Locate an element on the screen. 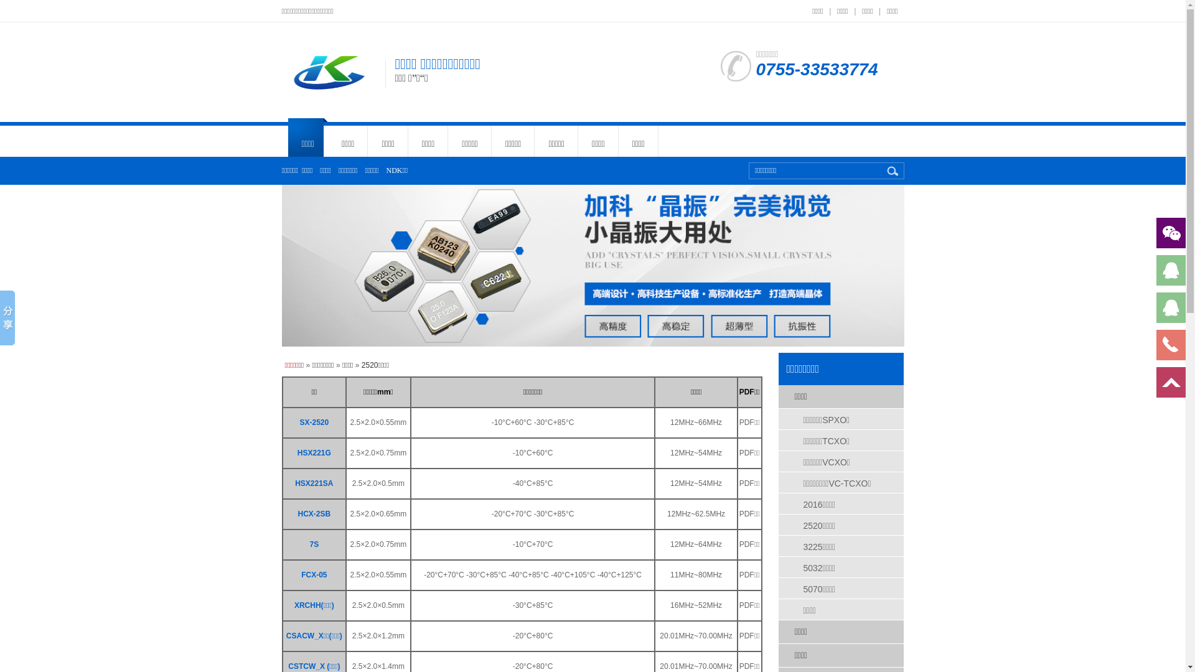 The height and width of the screenshot is (672, 1195). 'FCX-05' is located at coordinates (314, 575).